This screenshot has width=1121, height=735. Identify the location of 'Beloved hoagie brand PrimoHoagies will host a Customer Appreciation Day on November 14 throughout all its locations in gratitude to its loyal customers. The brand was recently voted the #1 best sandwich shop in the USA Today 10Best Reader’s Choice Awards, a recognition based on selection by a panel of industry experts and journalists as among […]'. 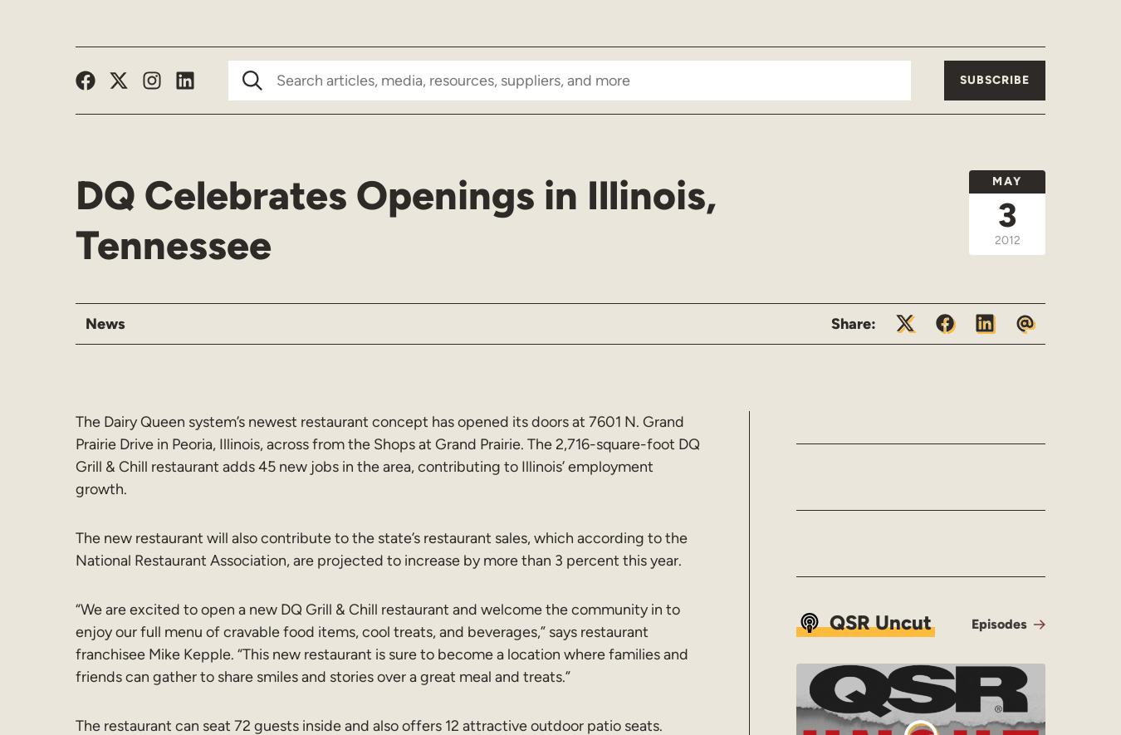
(934, 487).